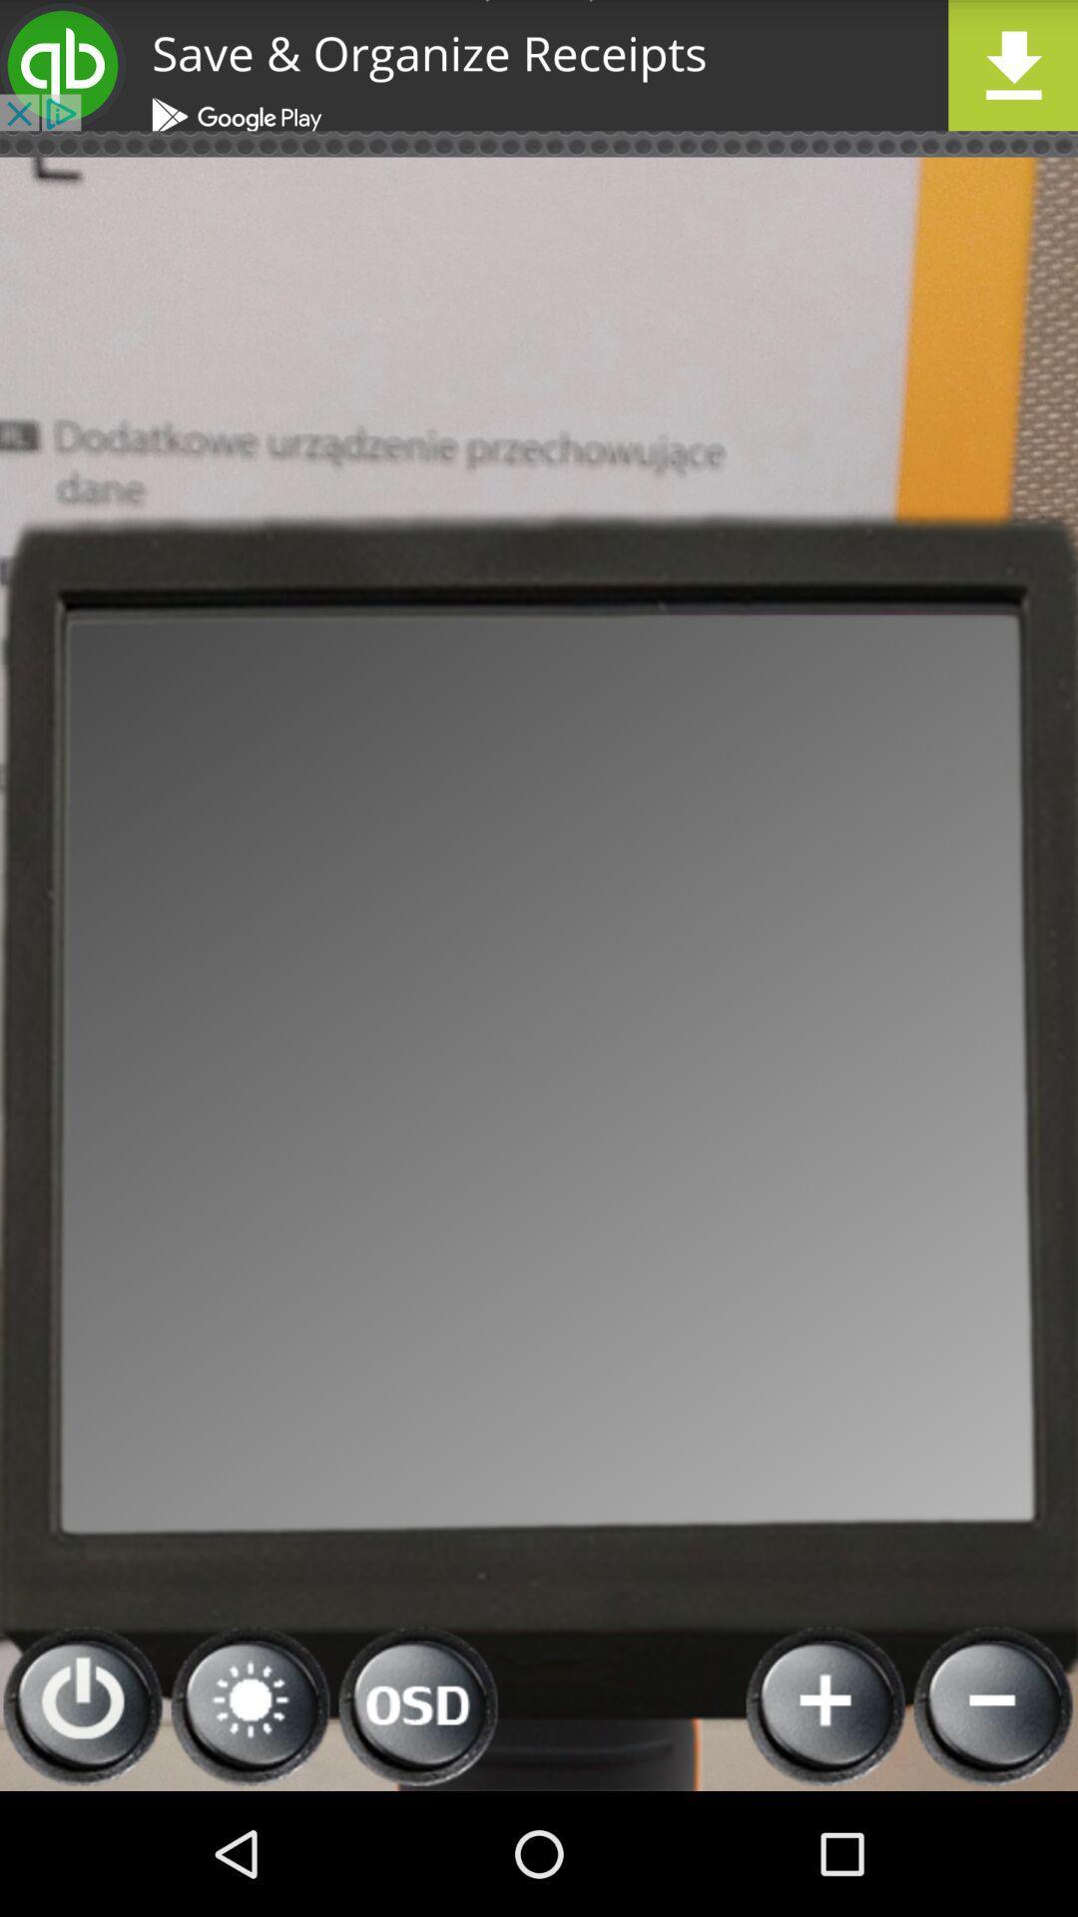 This screenshot has height=1917, width=1078. What do you see at coordinates (250, 1705) in the screenshot?
I see `brightness option` at bounding box center [250, 1705].